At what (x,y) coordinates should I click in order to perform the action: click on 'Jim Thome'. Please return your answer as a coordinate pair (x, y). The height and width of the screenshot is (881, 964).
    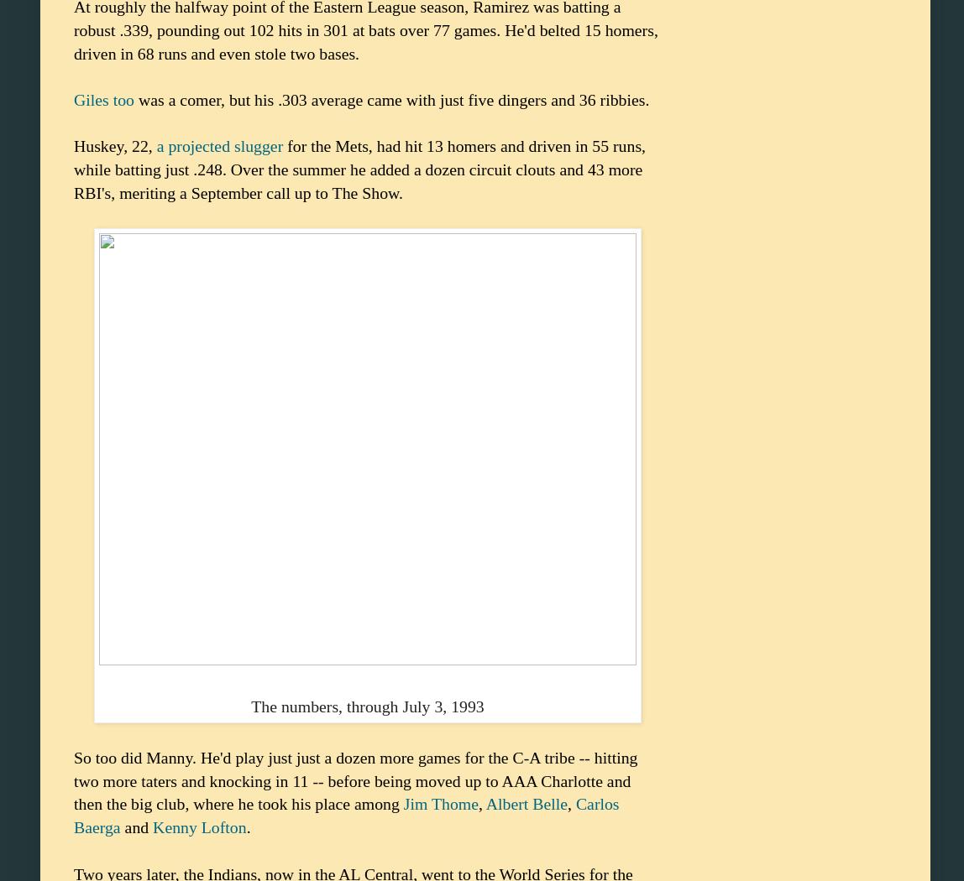
    Looking at the image, I should click on (440, 803).